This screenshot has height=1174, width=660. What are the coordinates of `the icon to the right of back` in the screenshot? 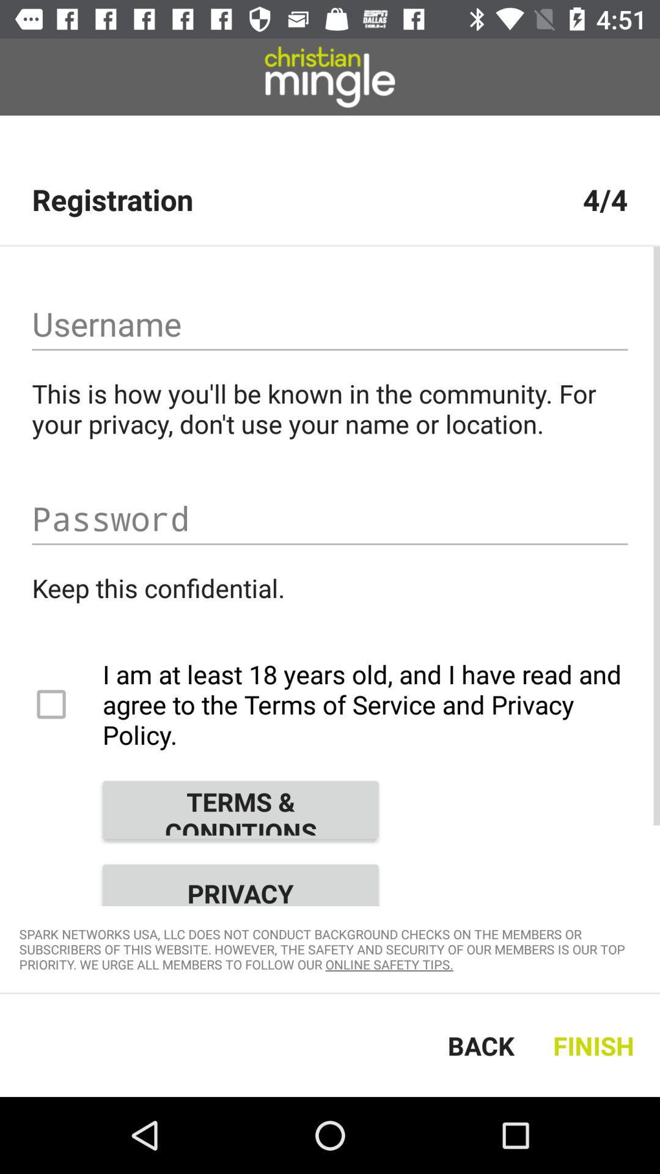 It's located at (596, 1044).